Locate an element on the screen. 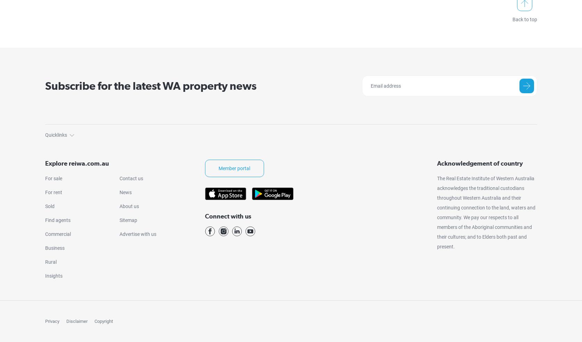 The height and width of the screenshot is (342, 582). 'Member portal' is located at coordinates (234, 168).